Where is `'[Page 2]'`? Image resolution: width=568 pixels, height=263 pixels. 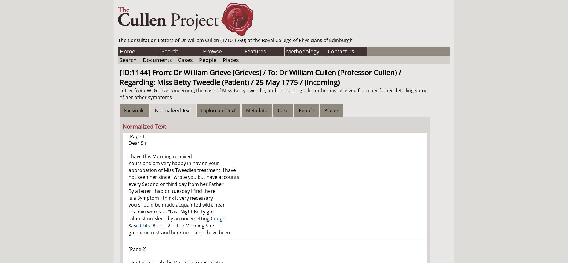 '[Page 2]' is located at coordinates (137, 249).